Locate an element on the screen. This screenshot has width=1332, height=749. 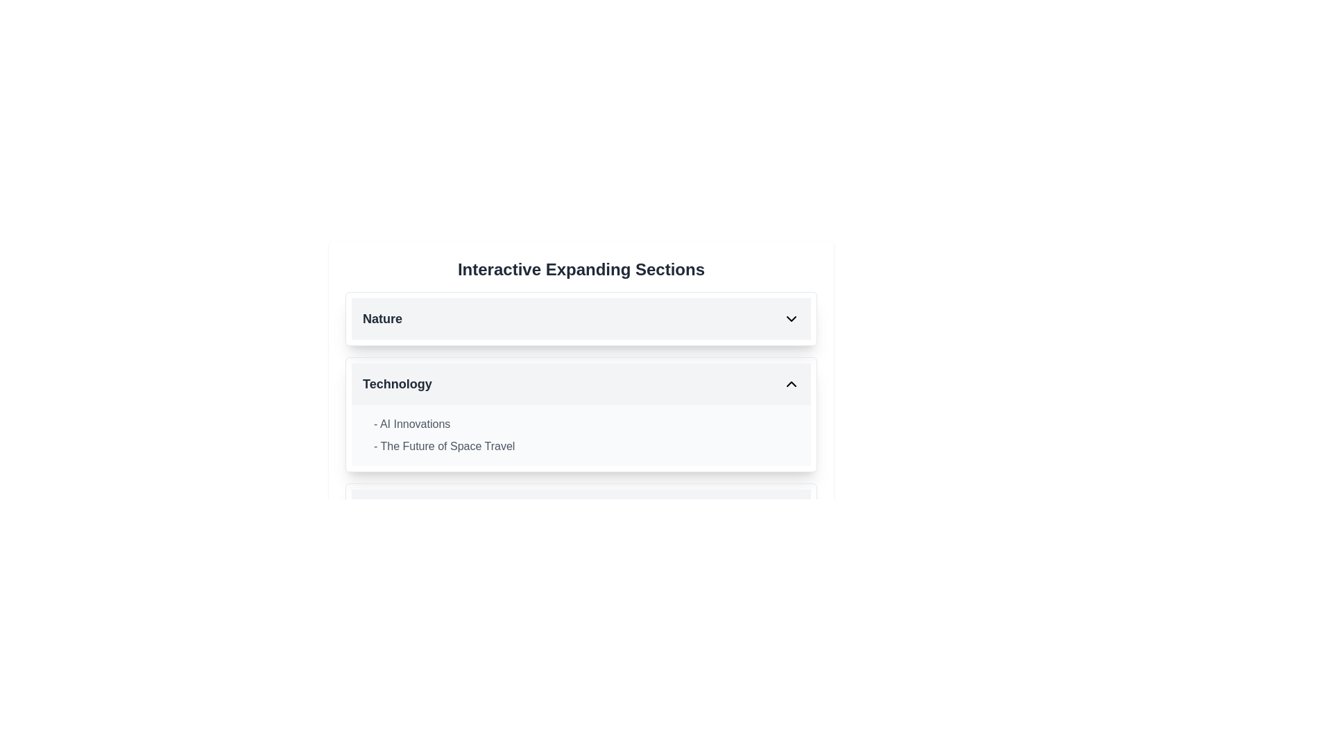
the visual state change of the downward-pointing chevron arrow icon located in the top section of the collapsible interface labeled 'Nature', aligned with the text 'Nature' is located at coordinates (792, 318).